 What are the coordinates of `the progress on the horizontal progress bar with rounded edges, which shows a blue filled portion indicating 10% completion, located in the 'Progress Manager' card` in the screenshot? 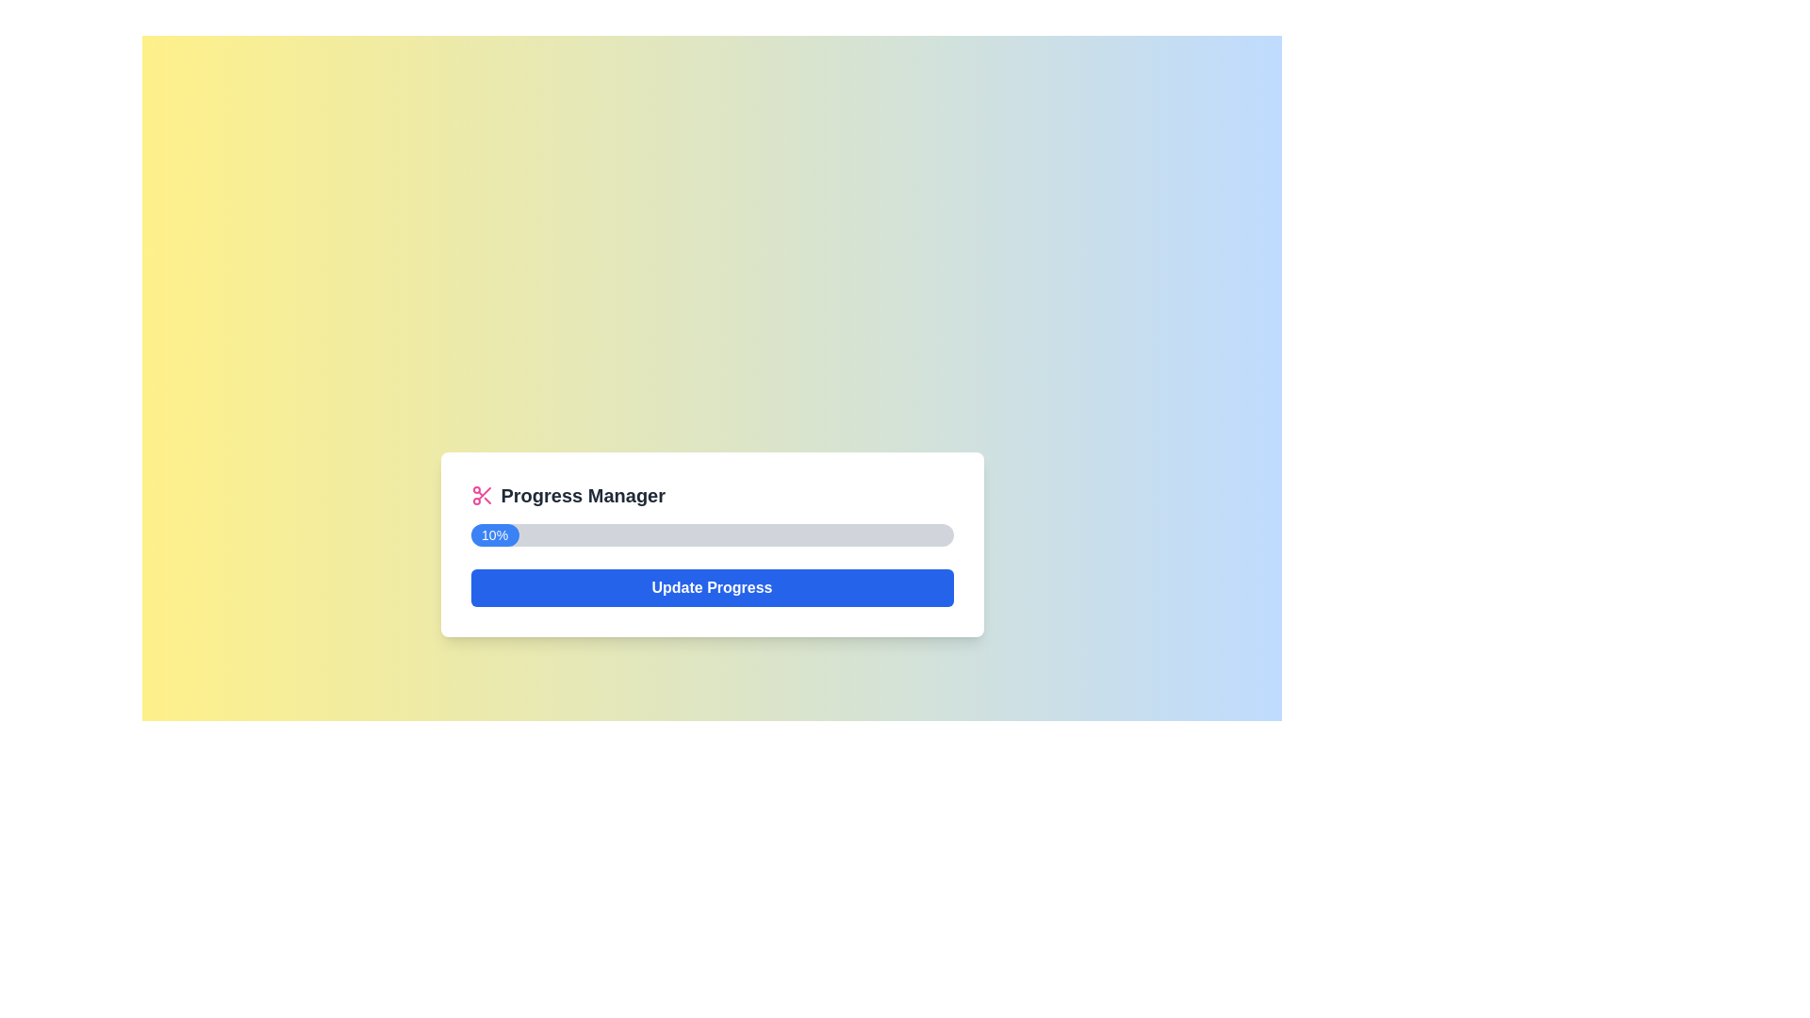 It's located at (711, 534).